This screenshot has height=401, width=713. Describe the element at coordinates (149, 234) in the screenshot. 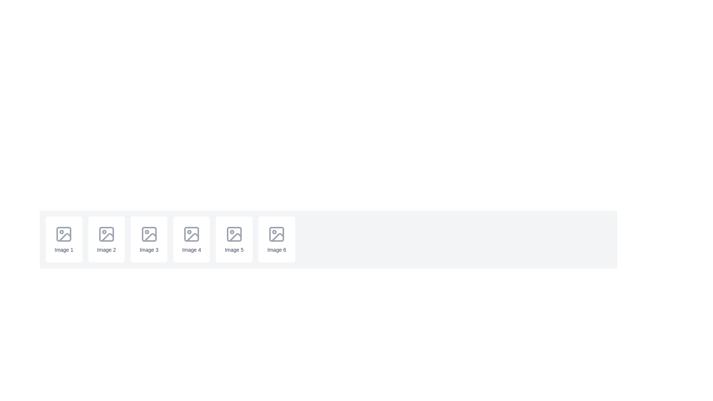

I see `the SVG rectangle element that is part of the image placeholder icon in the third position of a horizontal carousel of six items` at that location.